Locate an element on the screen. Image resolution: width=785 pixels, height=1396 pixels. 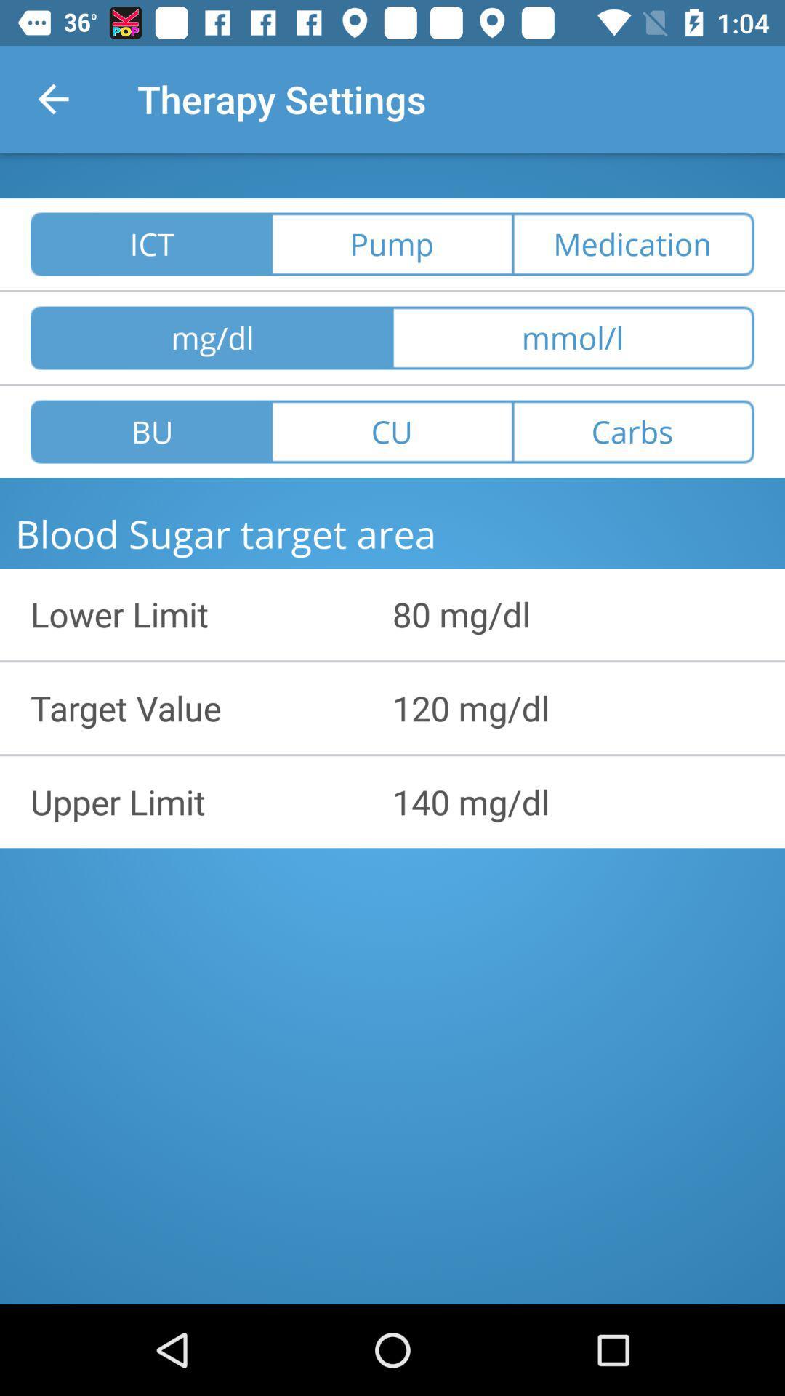
the button carbs is located at coordinates (632, 431).